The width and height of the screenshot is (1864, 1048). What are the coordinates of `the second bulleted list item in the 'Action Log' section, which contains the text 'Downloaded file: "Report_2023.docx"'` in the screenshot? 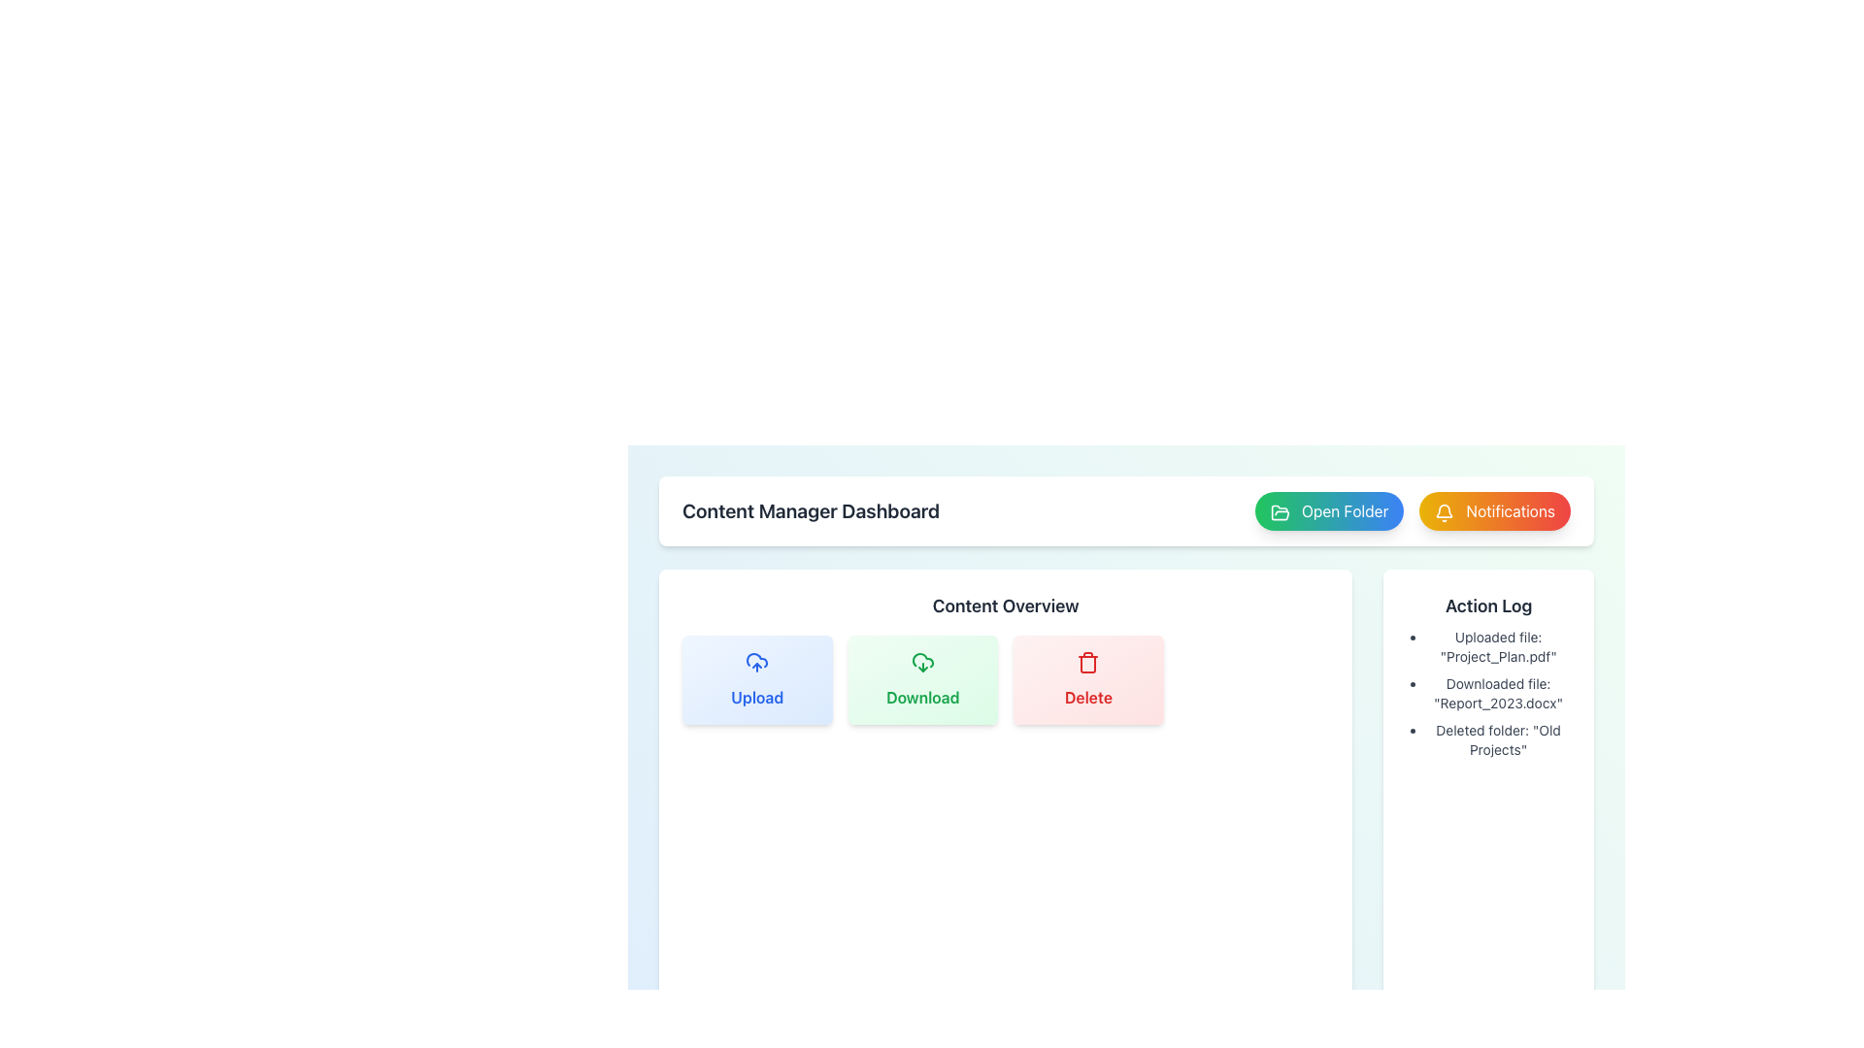 It's located at (1487, 692).